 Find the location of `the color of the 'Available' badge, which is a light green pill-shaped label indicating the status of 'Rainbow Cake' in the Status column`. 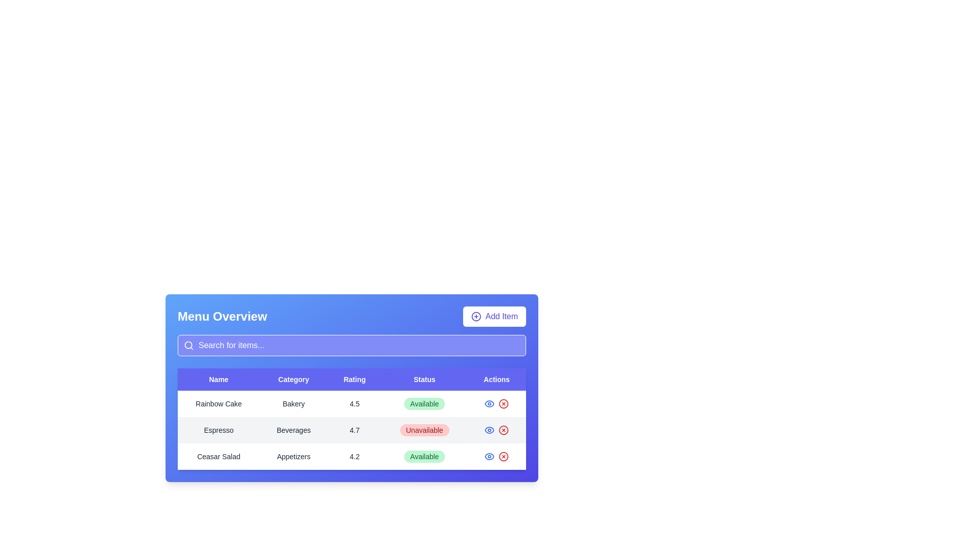

the color of the 'Available' badge, which is a light green pill-shaped label indicating the status of 'Rainbow Cake' in the Status column is located at coordinates (425, 403).